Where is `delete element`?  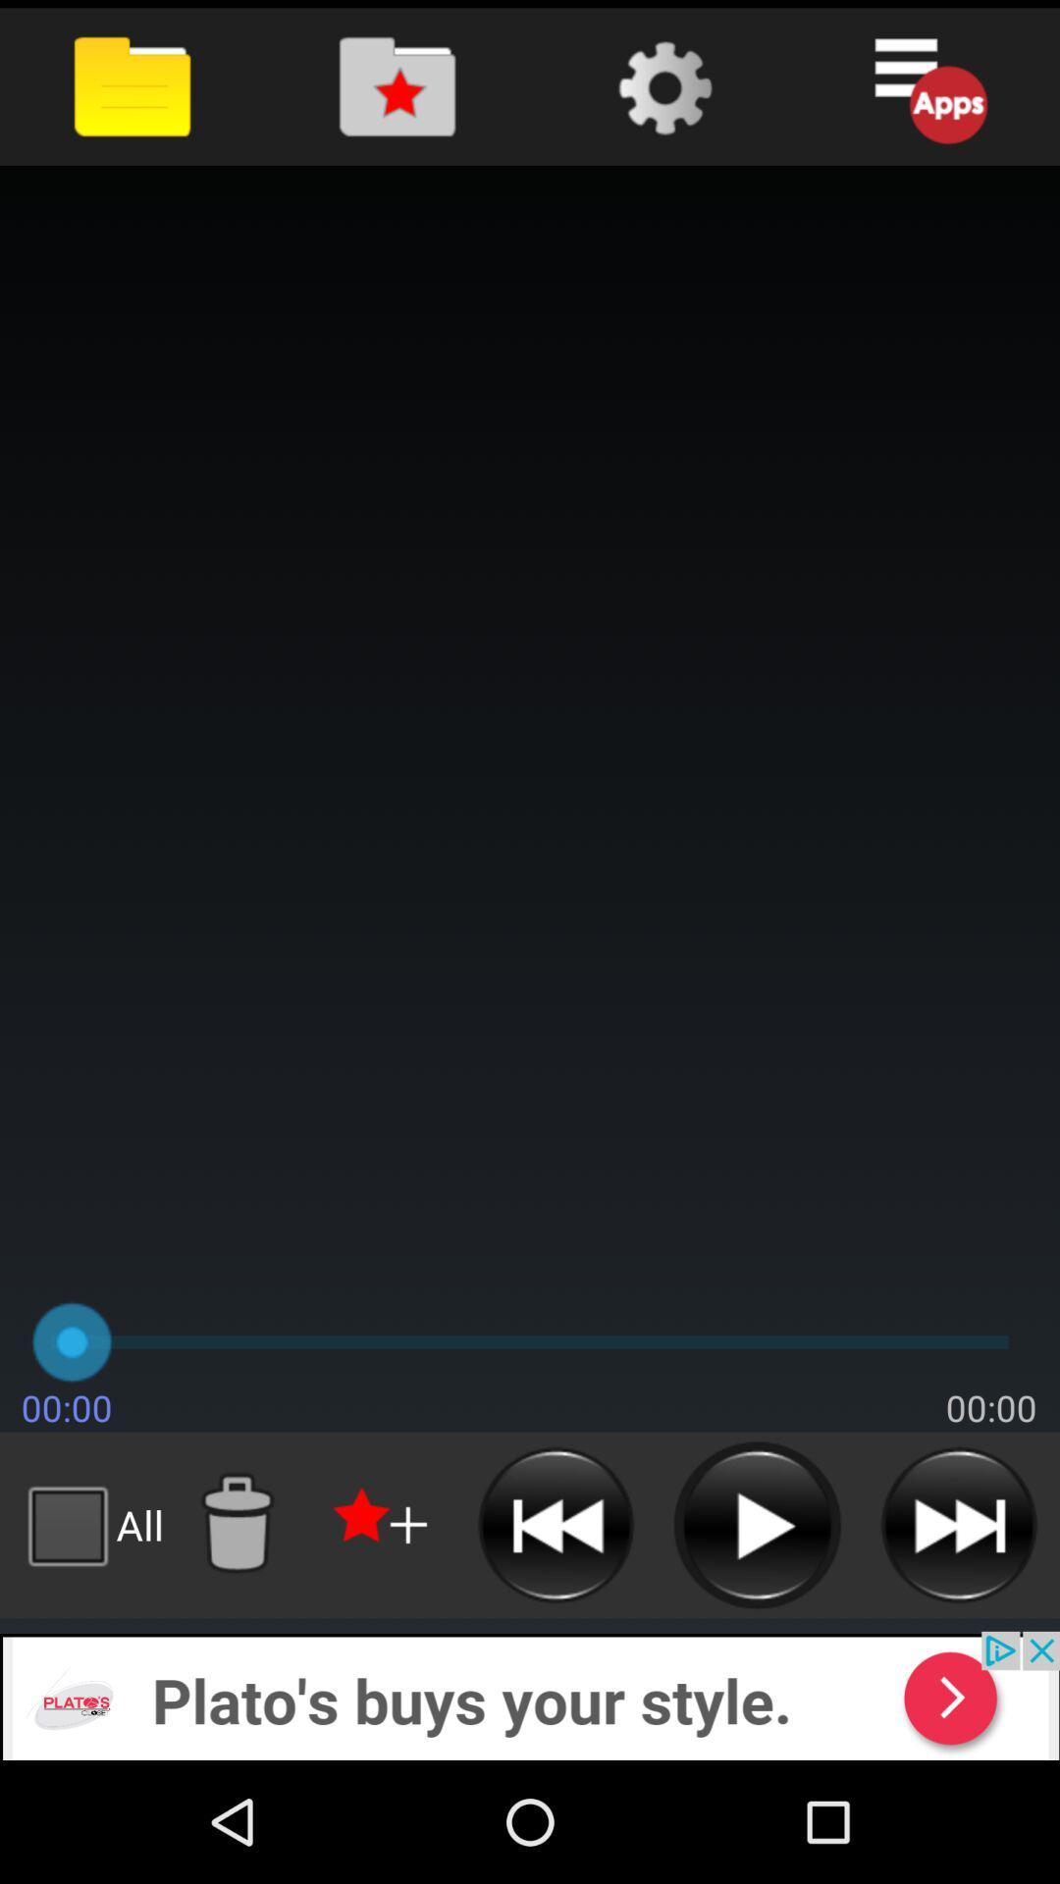 delete element is located at coordinates (236, 1524).